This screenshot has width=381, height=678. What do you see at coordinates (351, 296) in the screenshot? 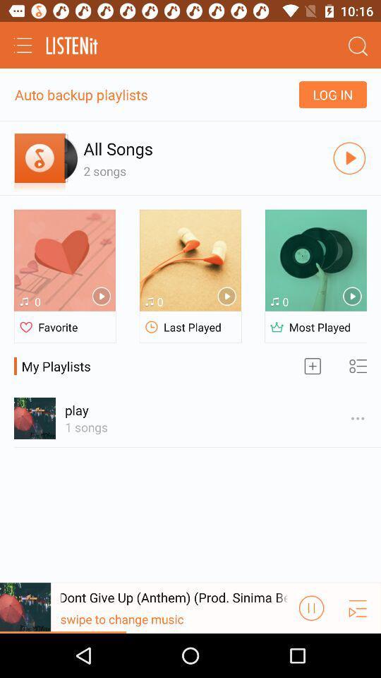
I see `the button which is above most played` at bounding box center [351, 296].